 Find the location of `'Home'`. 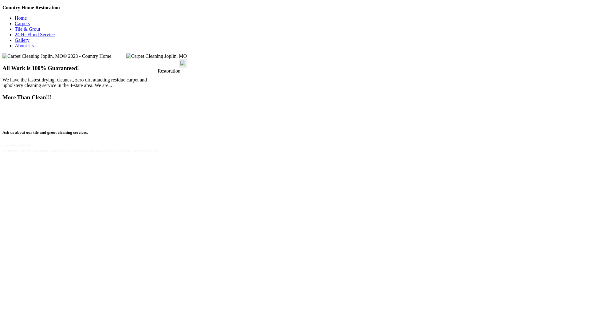

'Home' is located at coordinates (21, 18).